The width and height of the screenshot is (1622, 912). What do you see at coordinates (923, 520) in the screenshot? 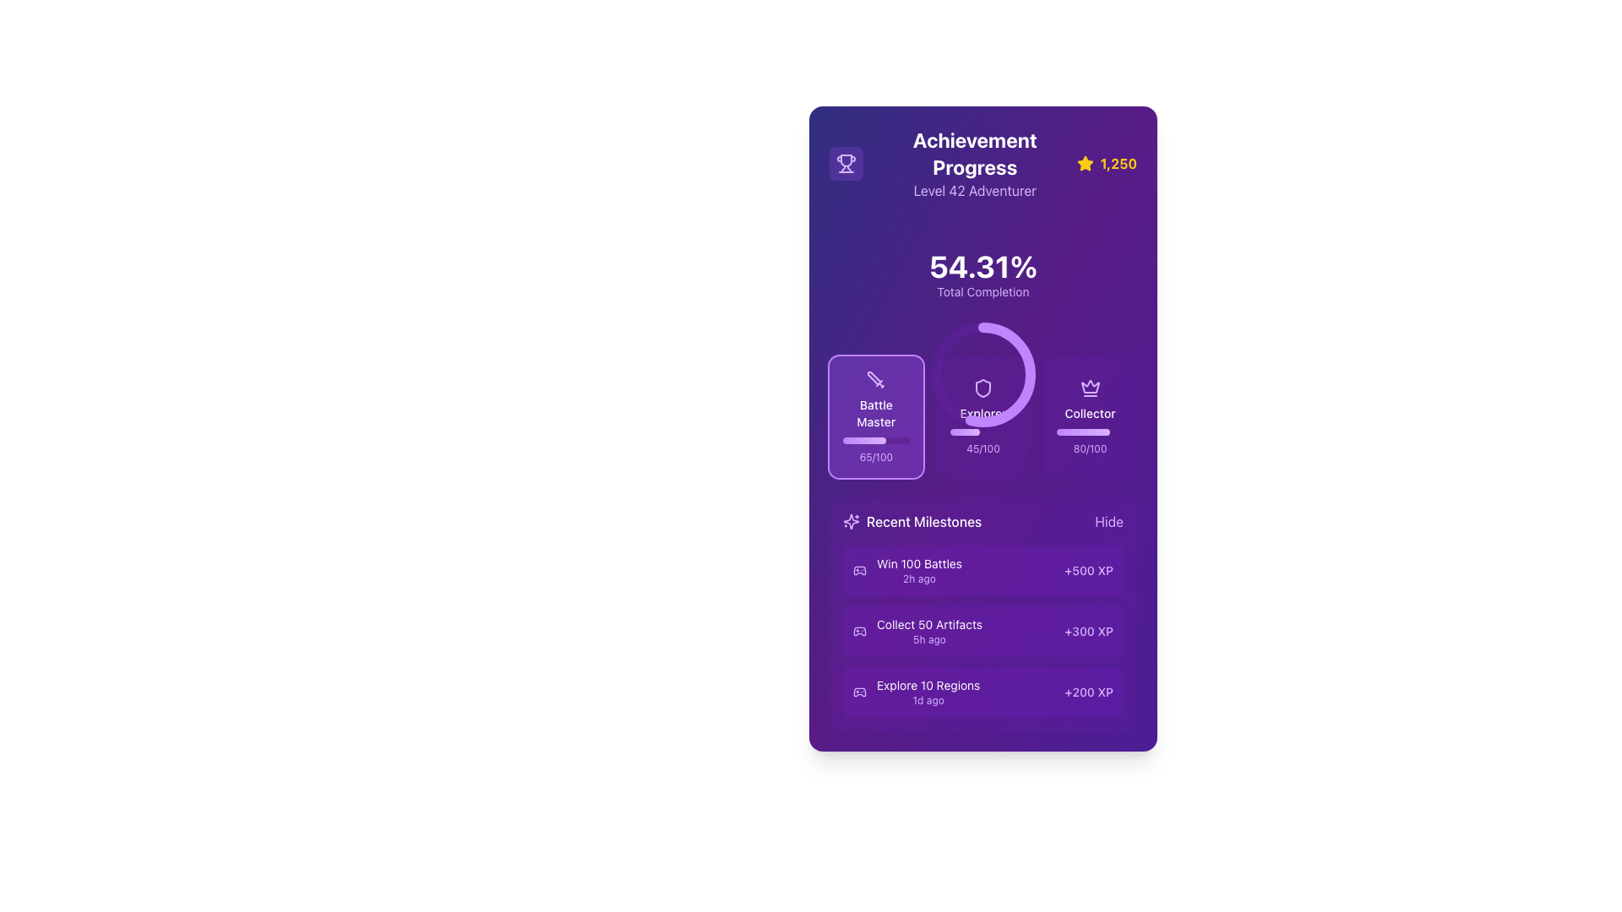
I see `text label that says 'Recent Milestones', which is white and styled with medium font weight, located in the lower left section of the interface next to a star-shaped icon` at bounding box center [923, 520].